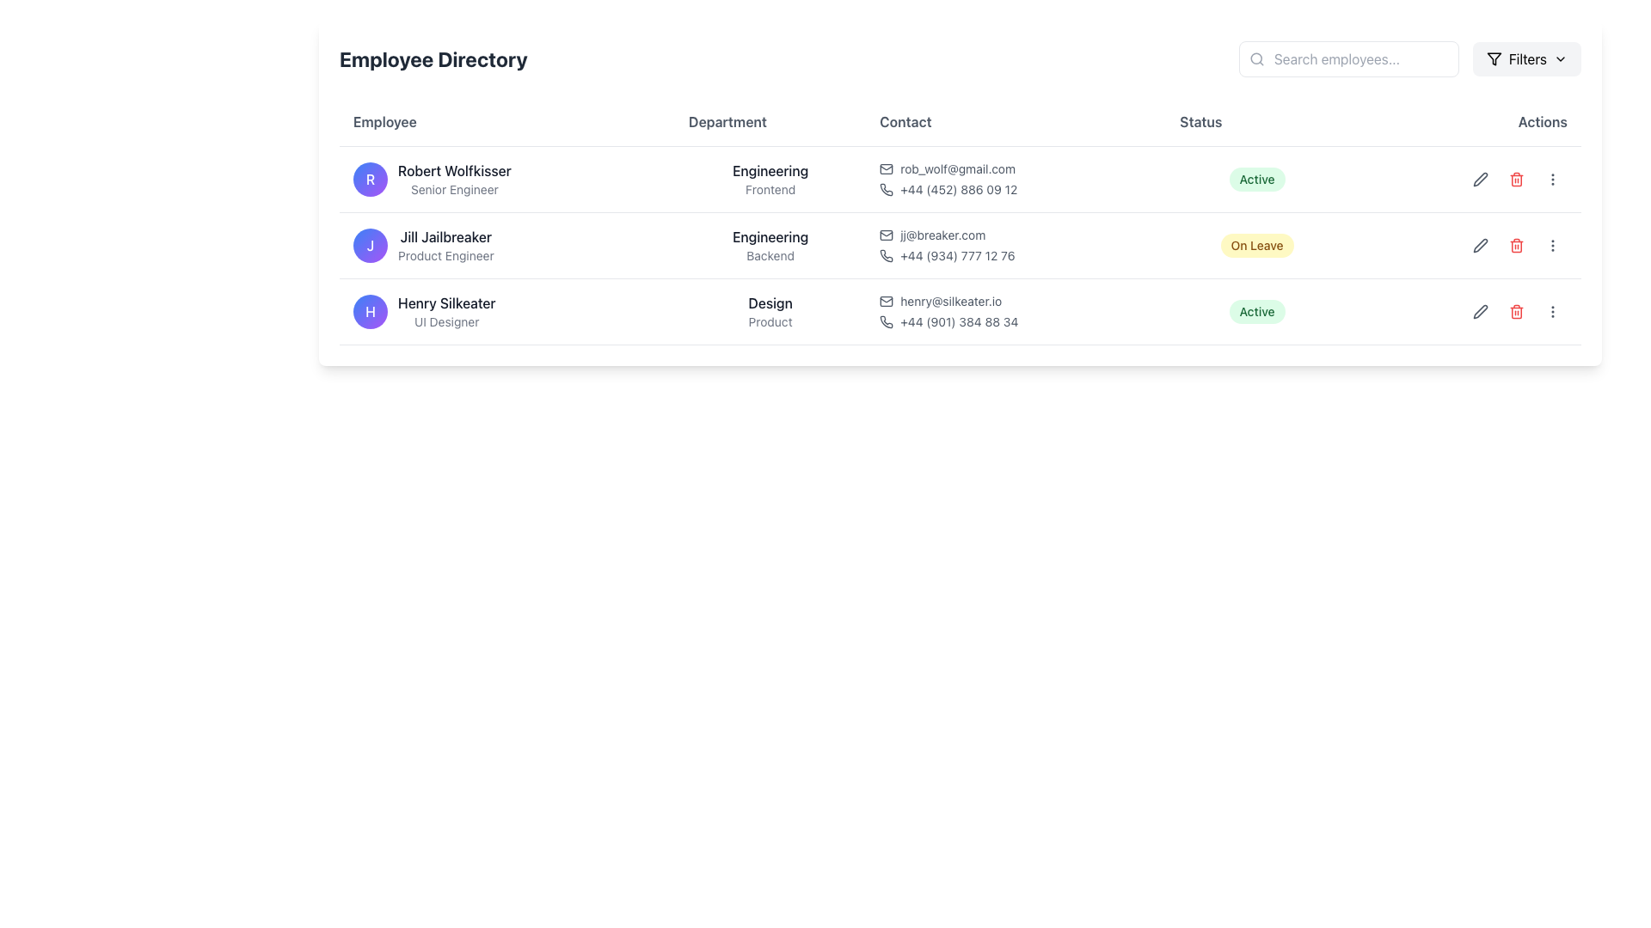  Describe the element at coordinates (1480, 311) in the screenshot. I see `the edit icon located in the third row of the table under the 'Actions' column` at that location.